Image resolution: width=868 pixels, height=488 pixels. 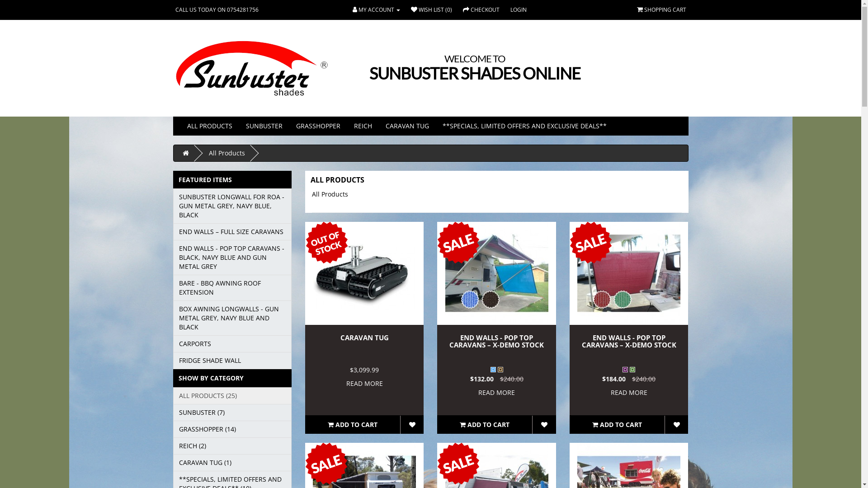 I want to click on 'CARAVAN TUG (1)', so click(x=173, y=462).